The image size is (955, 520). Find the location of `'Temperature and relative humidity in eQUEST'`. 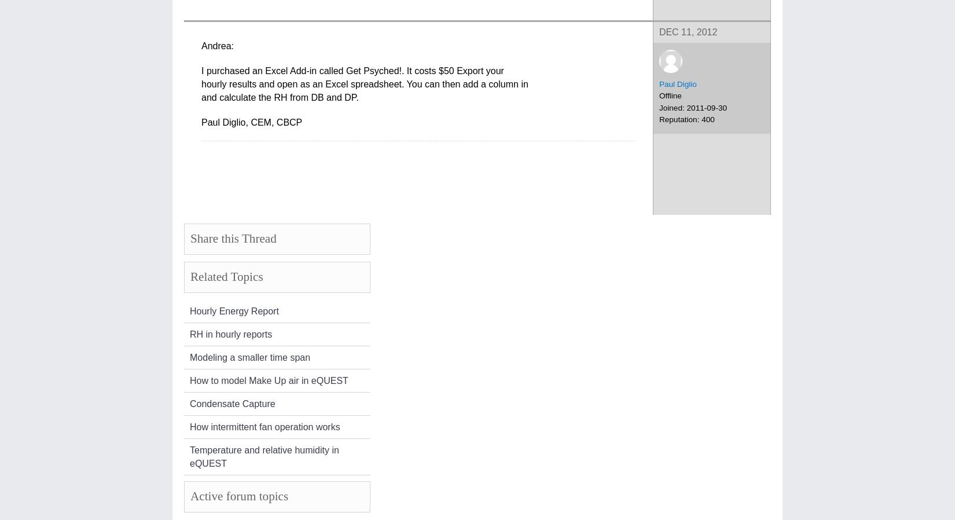

'Temperature and relative humidity in eQUEST' is located at coordinates (190, 456).